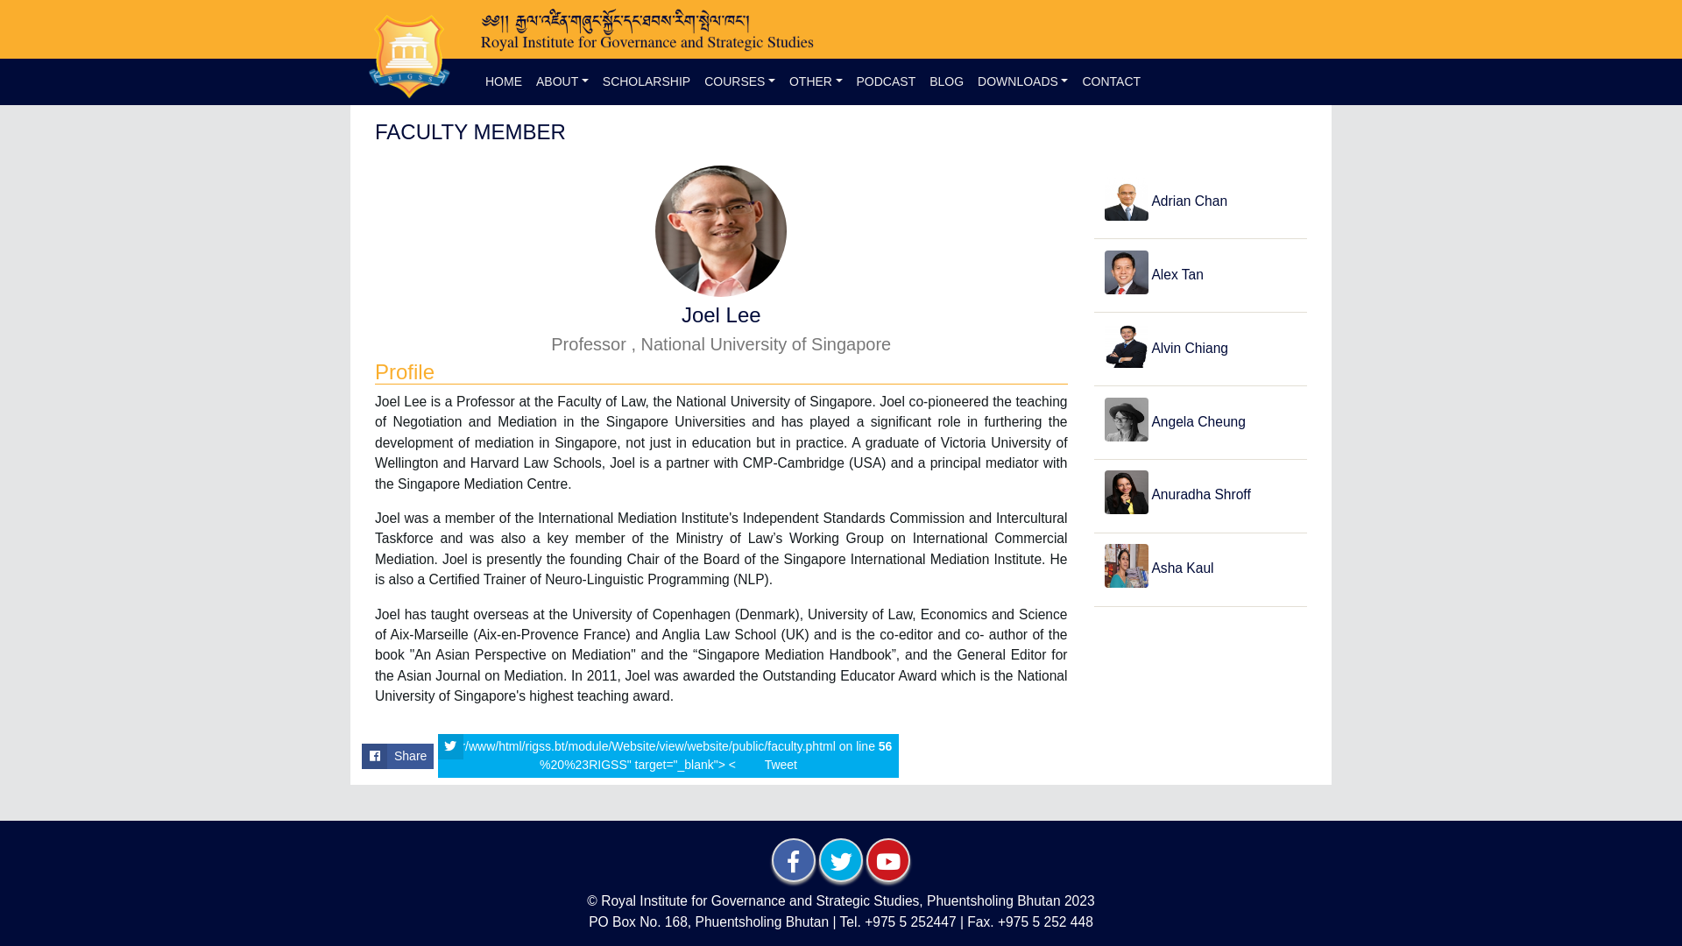 The width and height of the screenshot is (1682, 946). I want to click on 'Share', so click(397, 755).